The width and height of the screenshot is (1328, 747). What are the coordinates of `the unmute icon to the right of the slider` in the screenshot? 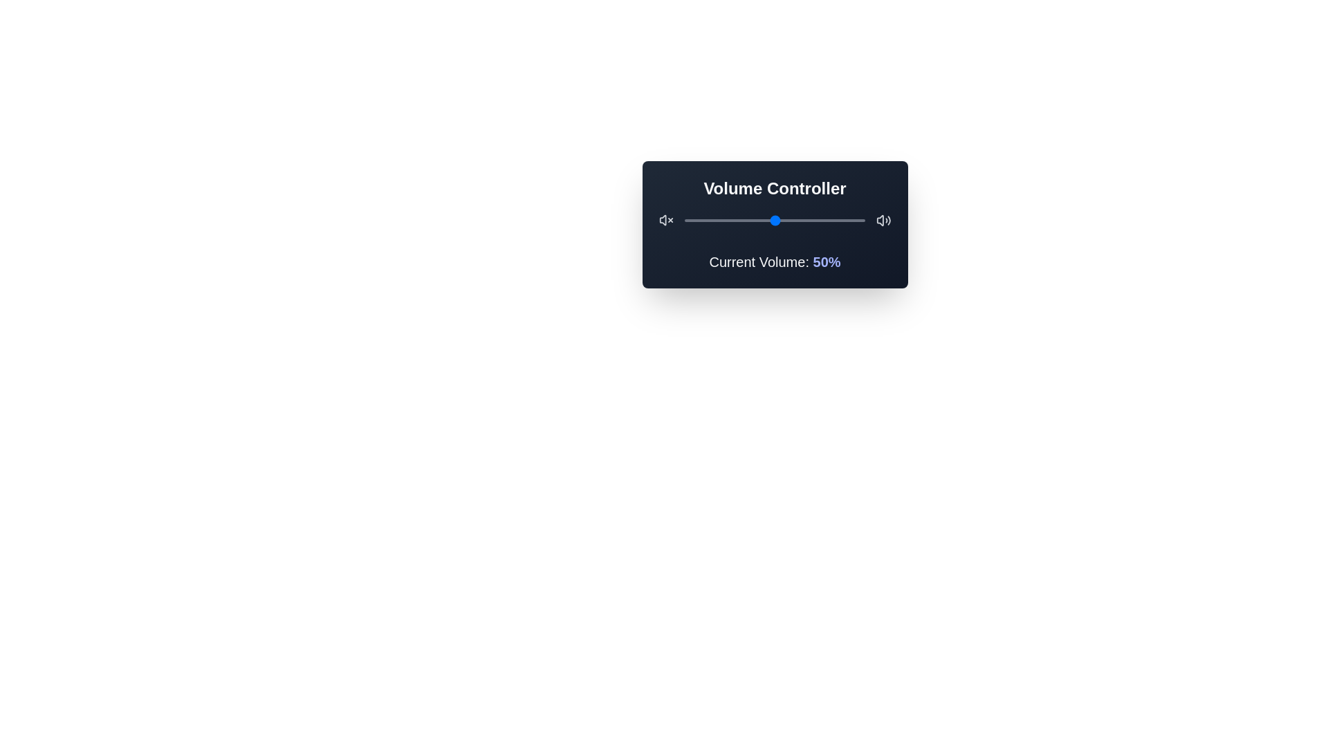 It's located at (883, 220).